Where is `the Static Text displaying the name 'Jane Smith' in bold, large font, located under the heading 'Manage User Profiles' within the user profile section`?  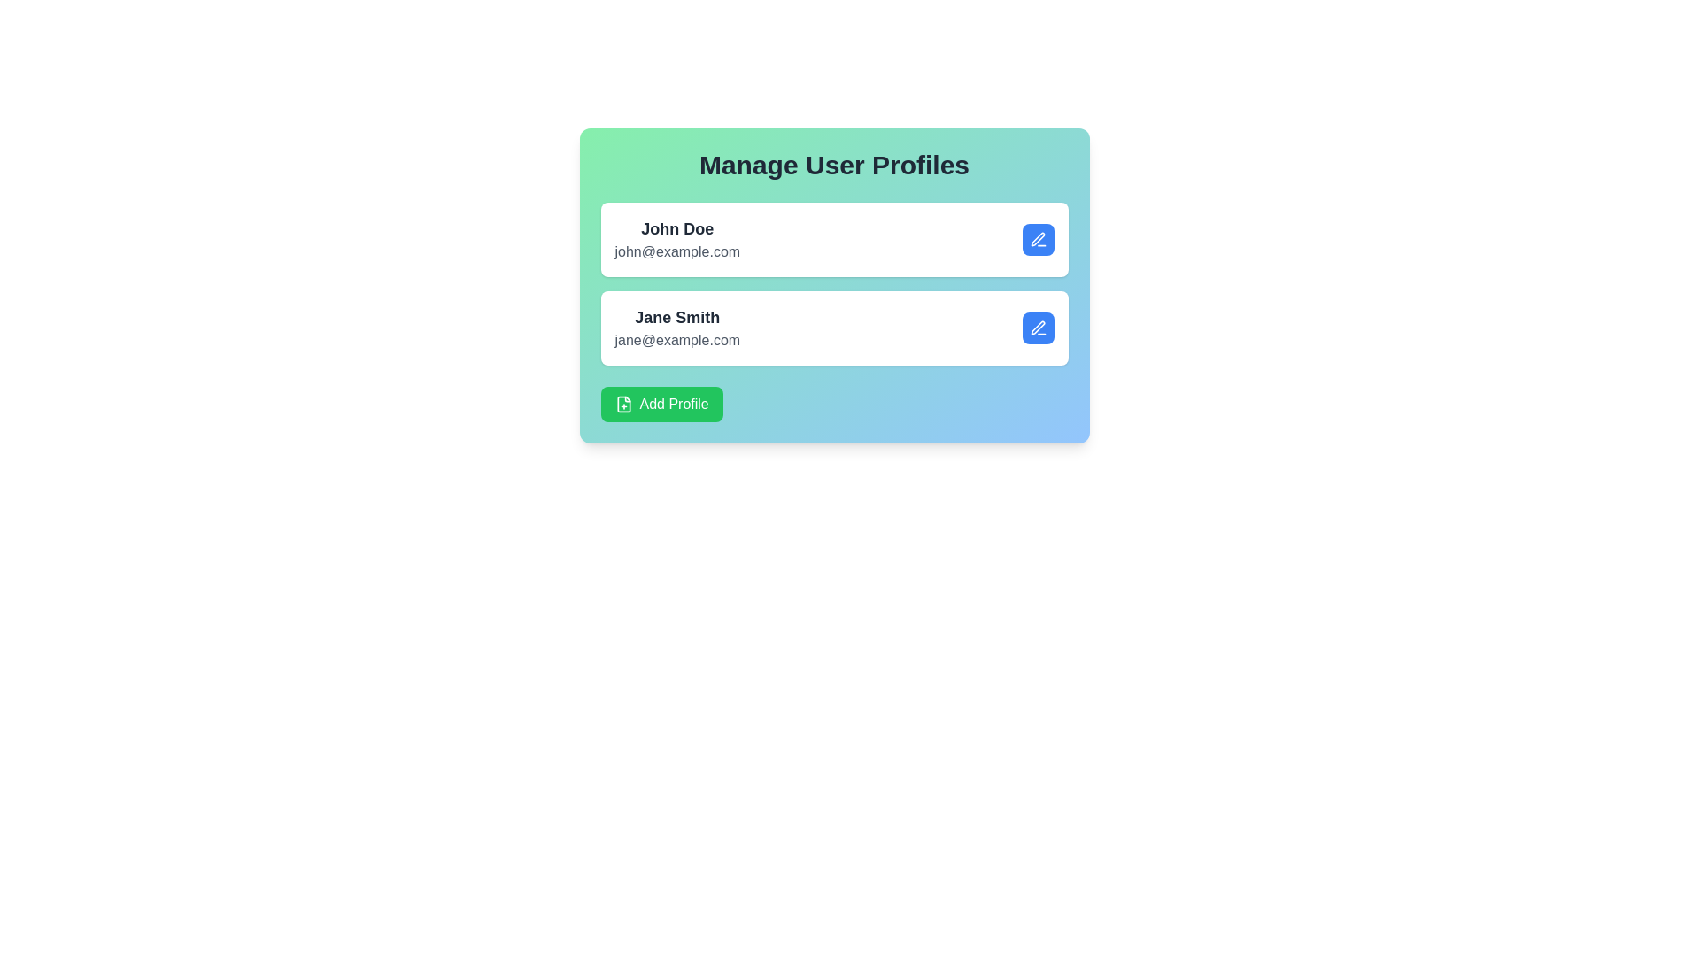 the Static Text displaying the name 'Jane Smith' in bold, large font, located under the heading 'Manage User Profiles' within the user profile section is located at coordinates (676, 316).